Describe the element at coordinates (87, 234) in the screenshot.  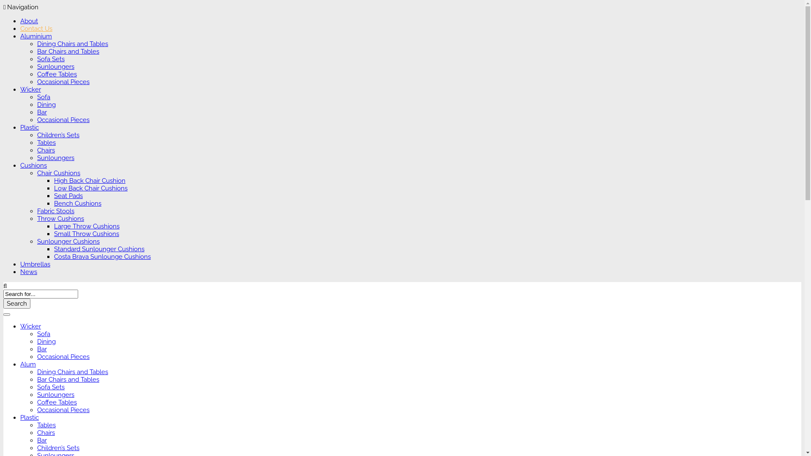
I see `'Small Throw Cushions'` at that location.